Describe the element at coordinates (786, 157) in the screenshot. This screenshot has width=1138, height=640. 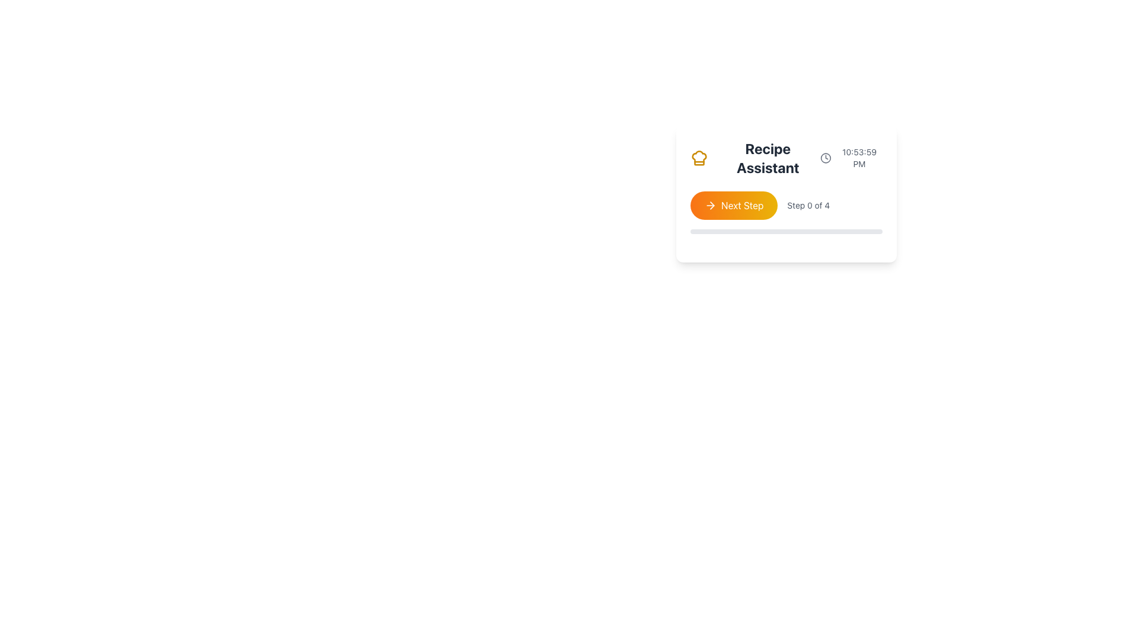
I see `the 'Recipe Assistant' header text` at that location.